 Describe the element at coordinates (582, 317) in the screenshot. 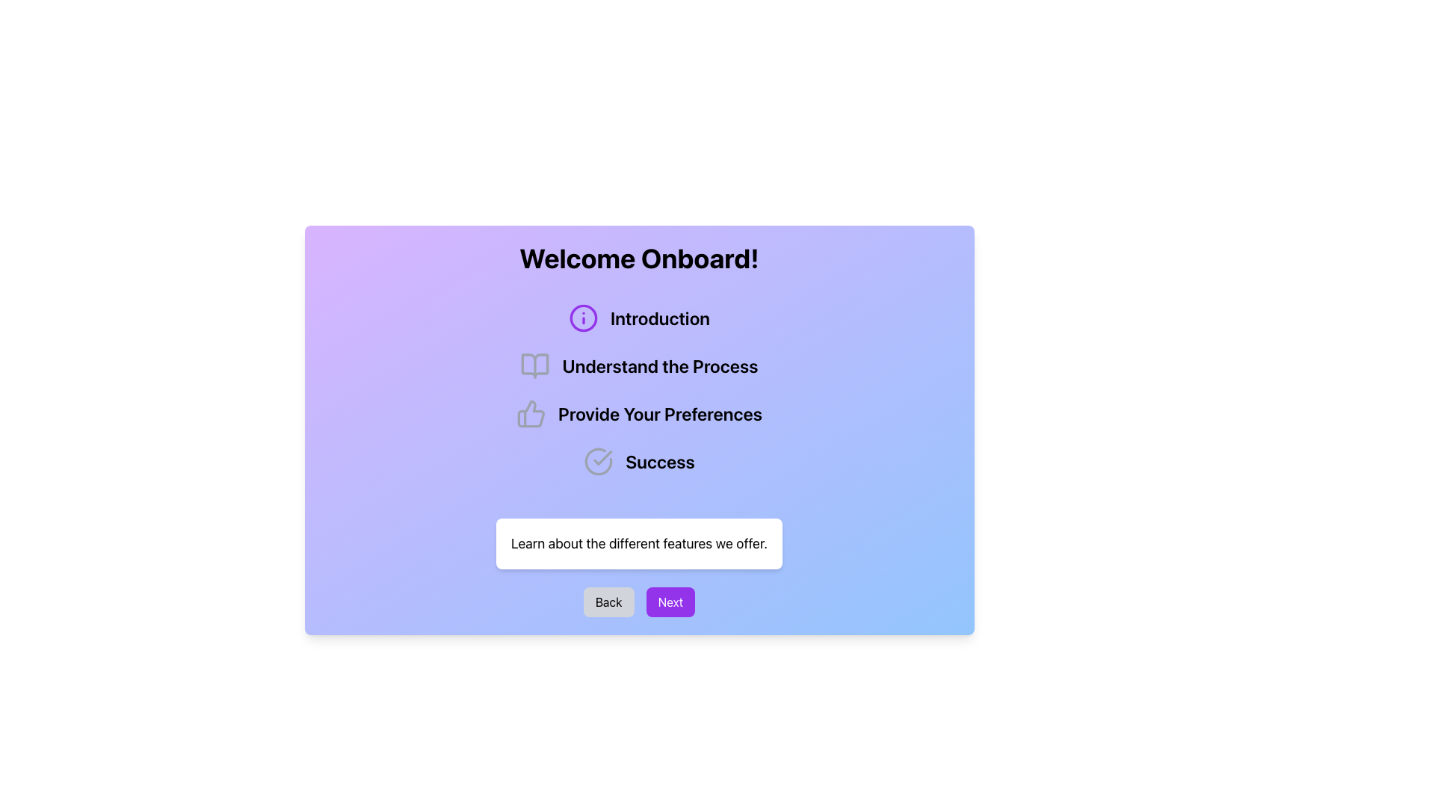

I see `the icon located to the left of the 'Introduction' text, serving as a visual marker for the section` at that location.